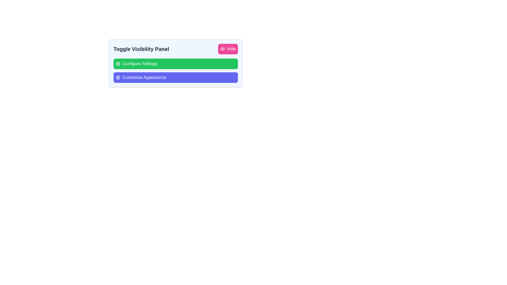 This screenshot has width=507, height=285. Describe the element at coordinates (118, 64) in the screenshot. I see `the cogwheel-shaped icon representing settings, located within the green button labeled 'Configure Settings' near the top-left corner, to the left of the text label` at that location.